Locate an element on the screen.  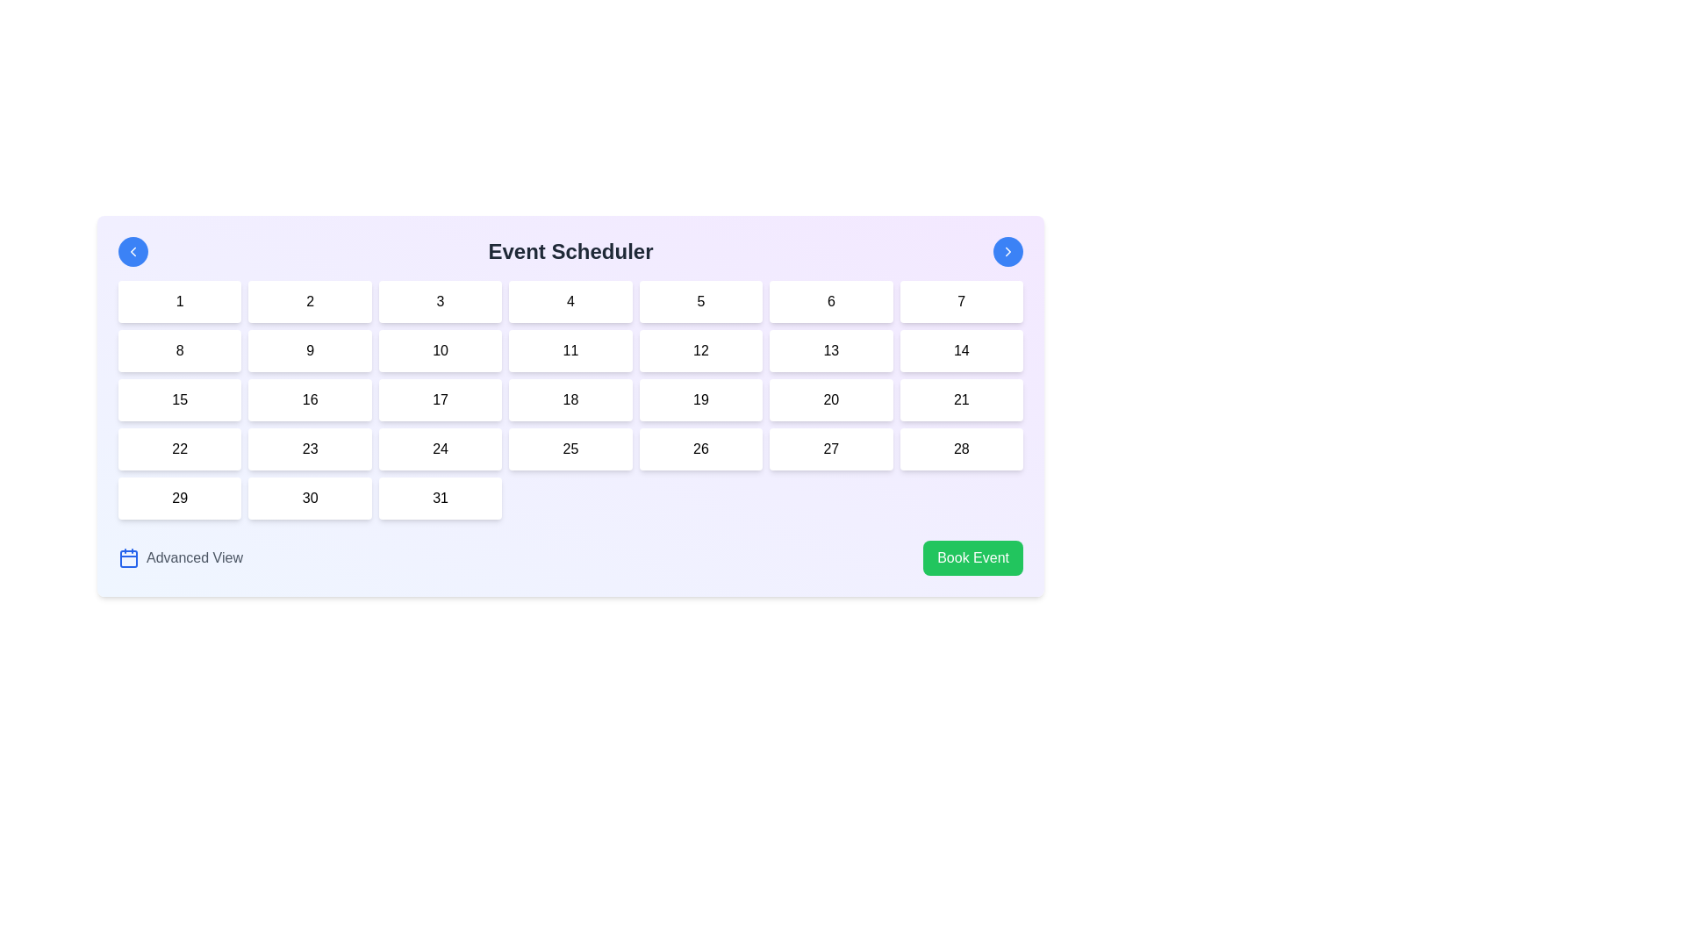
the interactive button is located at coordinates (180, 498).